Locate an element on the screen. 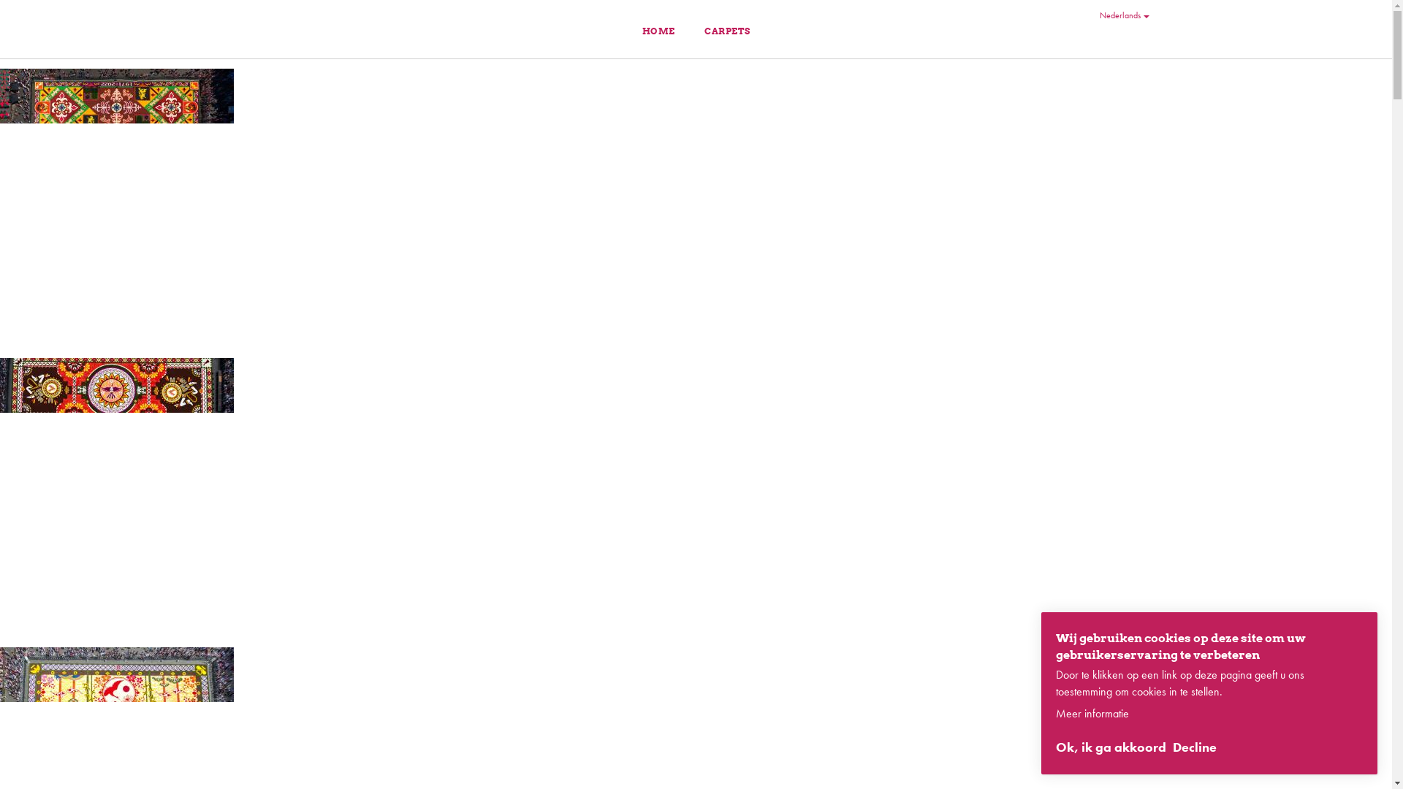 The width and height of the screenshot is (1403, 789). 'Ok, ik ga akkoord' is located at coordinates (1111, 747).